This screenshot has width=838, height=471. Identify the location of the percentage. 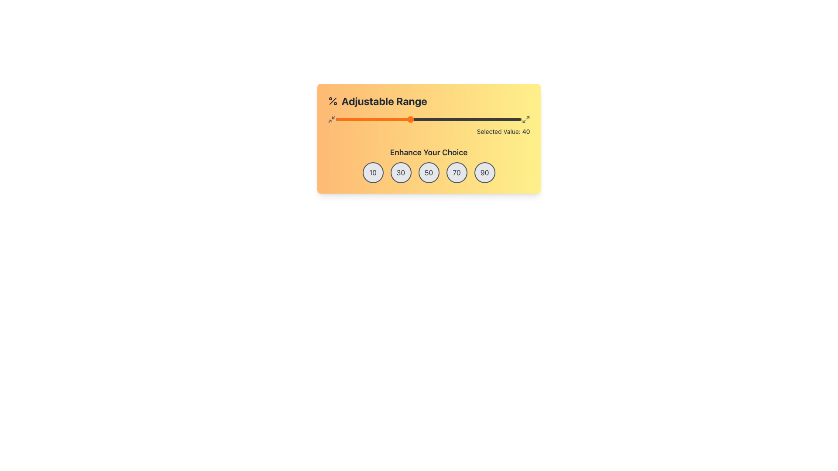
(511, 119).